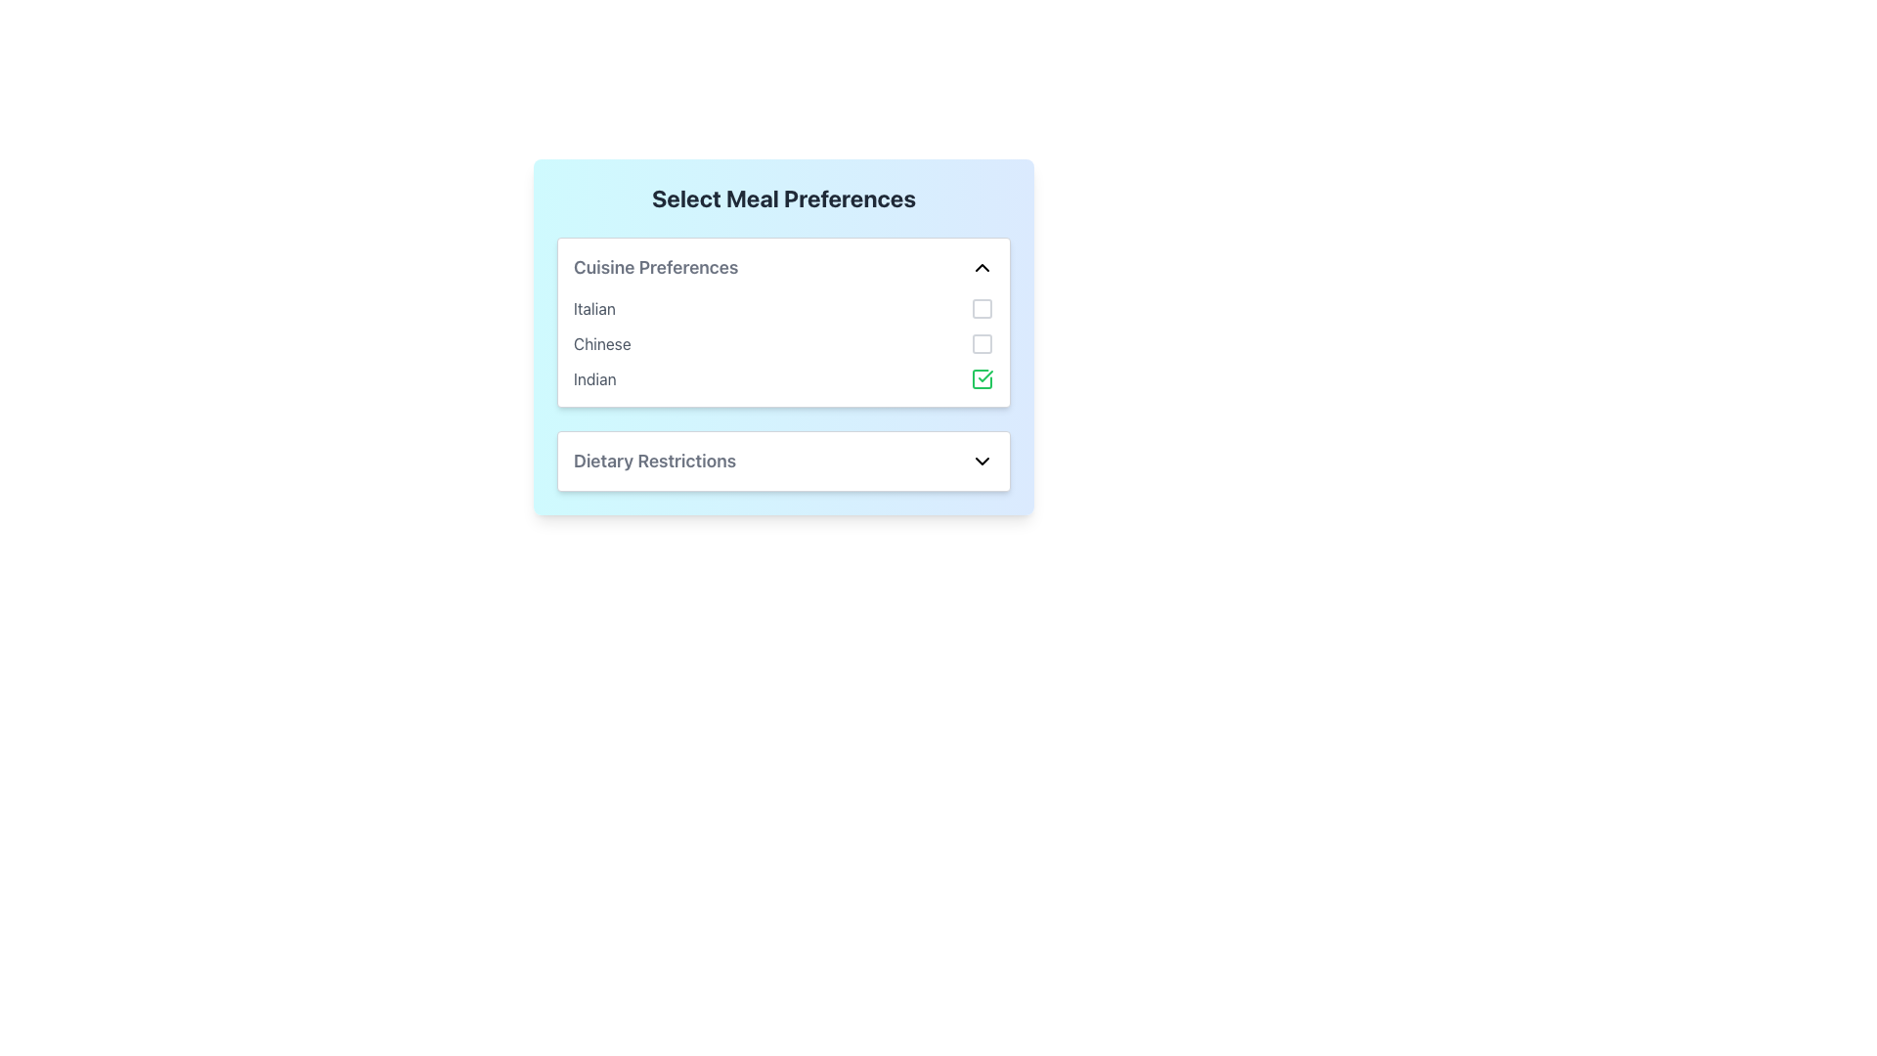 The image size is (1877, 1056). What do you see at coordinates (982, 461) in the screenshot?
I see `the Icon Button located at the far right side of the 'Dietary Restrictions' row to observe any interactive effects` at bounding box center [982, 461].